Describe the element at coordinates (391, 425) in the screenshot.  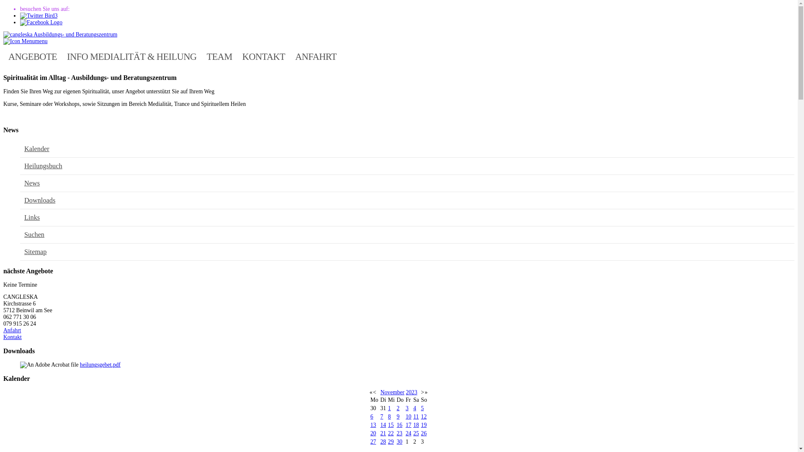
I see `'15'` at that location.